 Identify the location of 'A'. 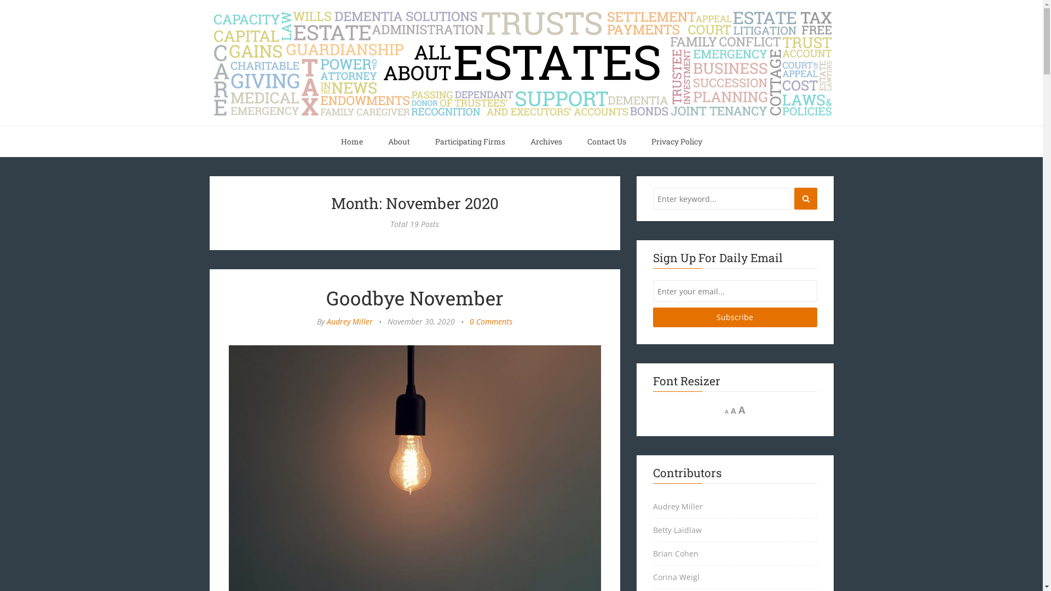
(733, 410).